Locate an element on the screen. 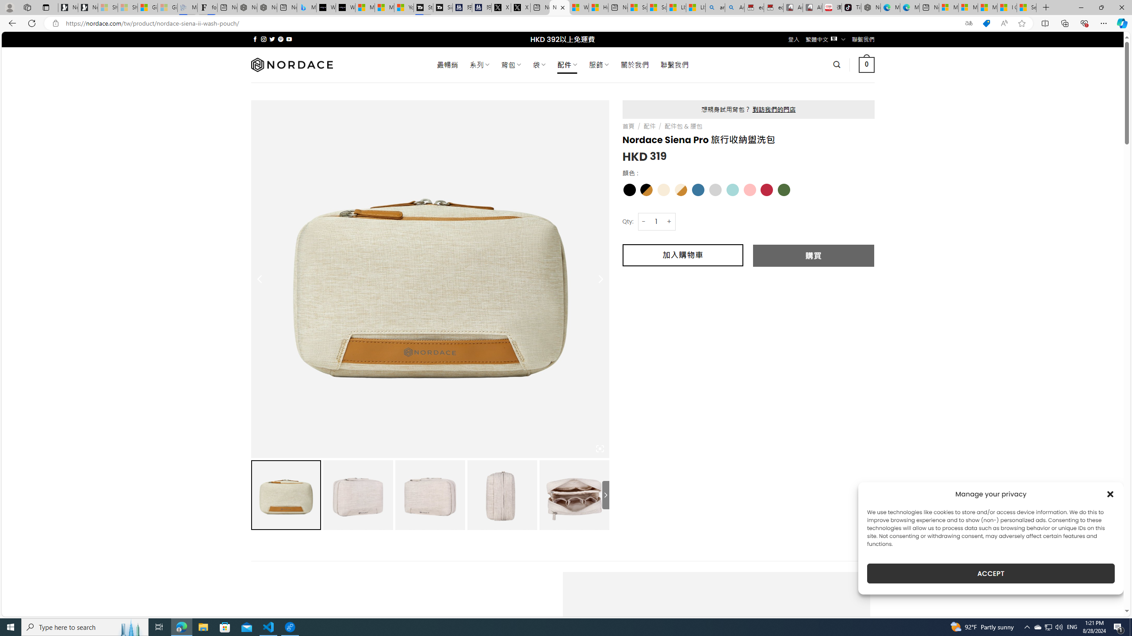 This screenshot has width=1132, height=636. 'Newsletter Sign Up' is located at coordinates (88, 7).